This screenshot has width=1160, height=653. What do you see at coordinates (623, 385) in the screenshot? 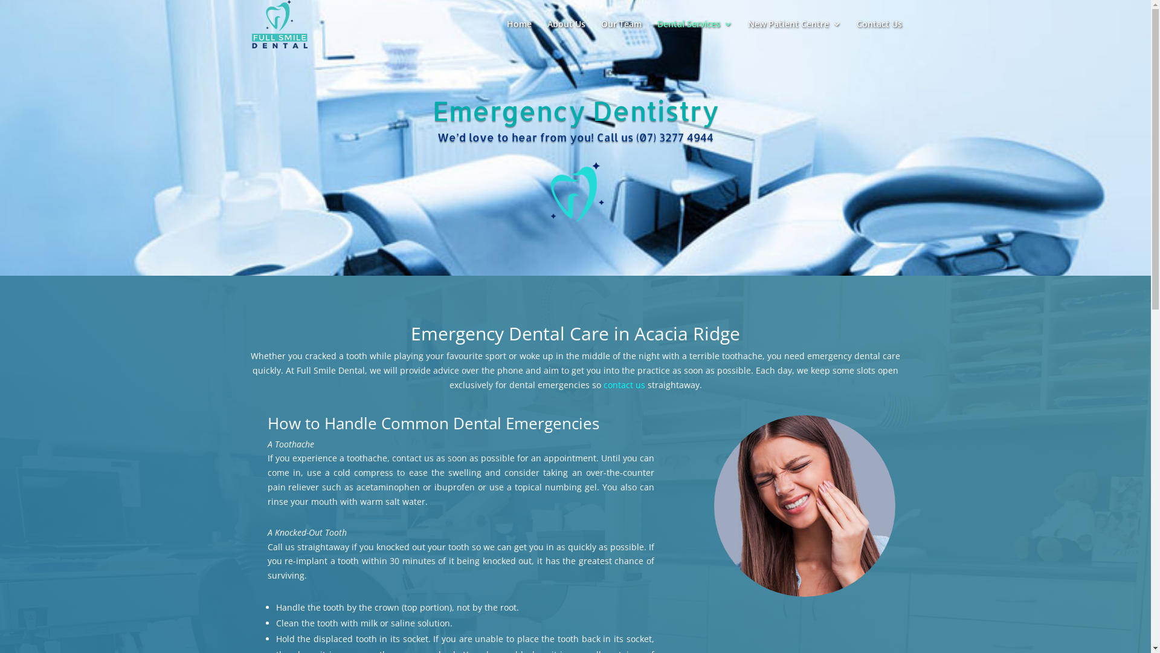
I see `'contact us'` at bounding box center [623, 385].